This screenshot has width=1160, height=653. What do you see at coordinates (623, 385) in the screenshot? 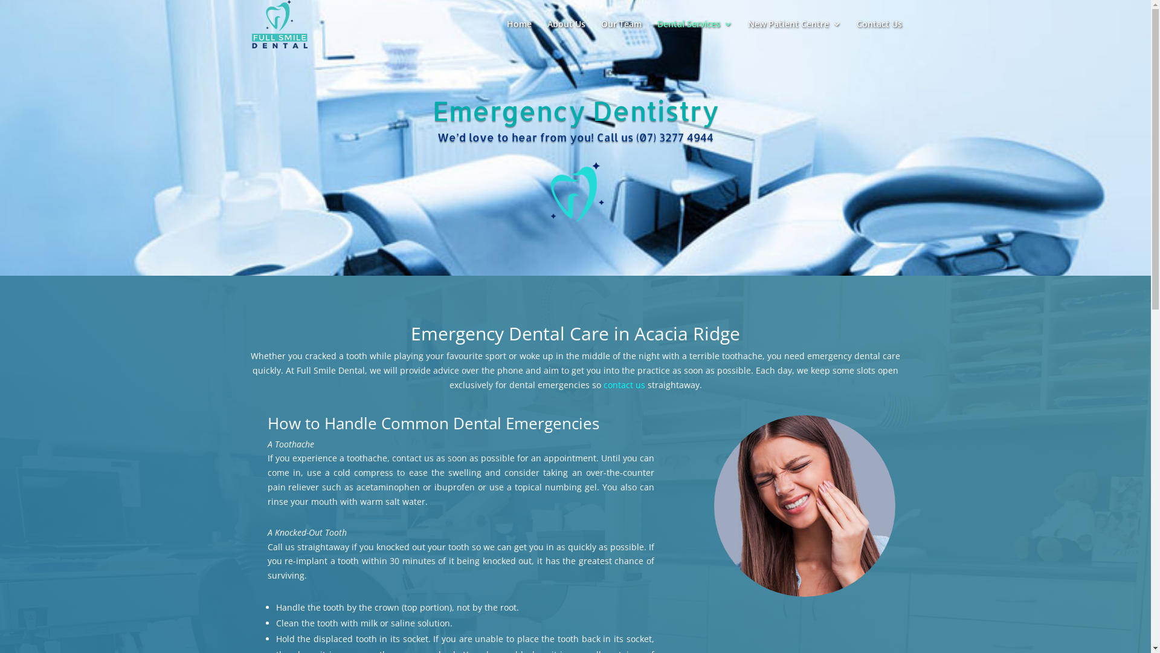
I see `'contact us'` at bounding box center [623, 385].